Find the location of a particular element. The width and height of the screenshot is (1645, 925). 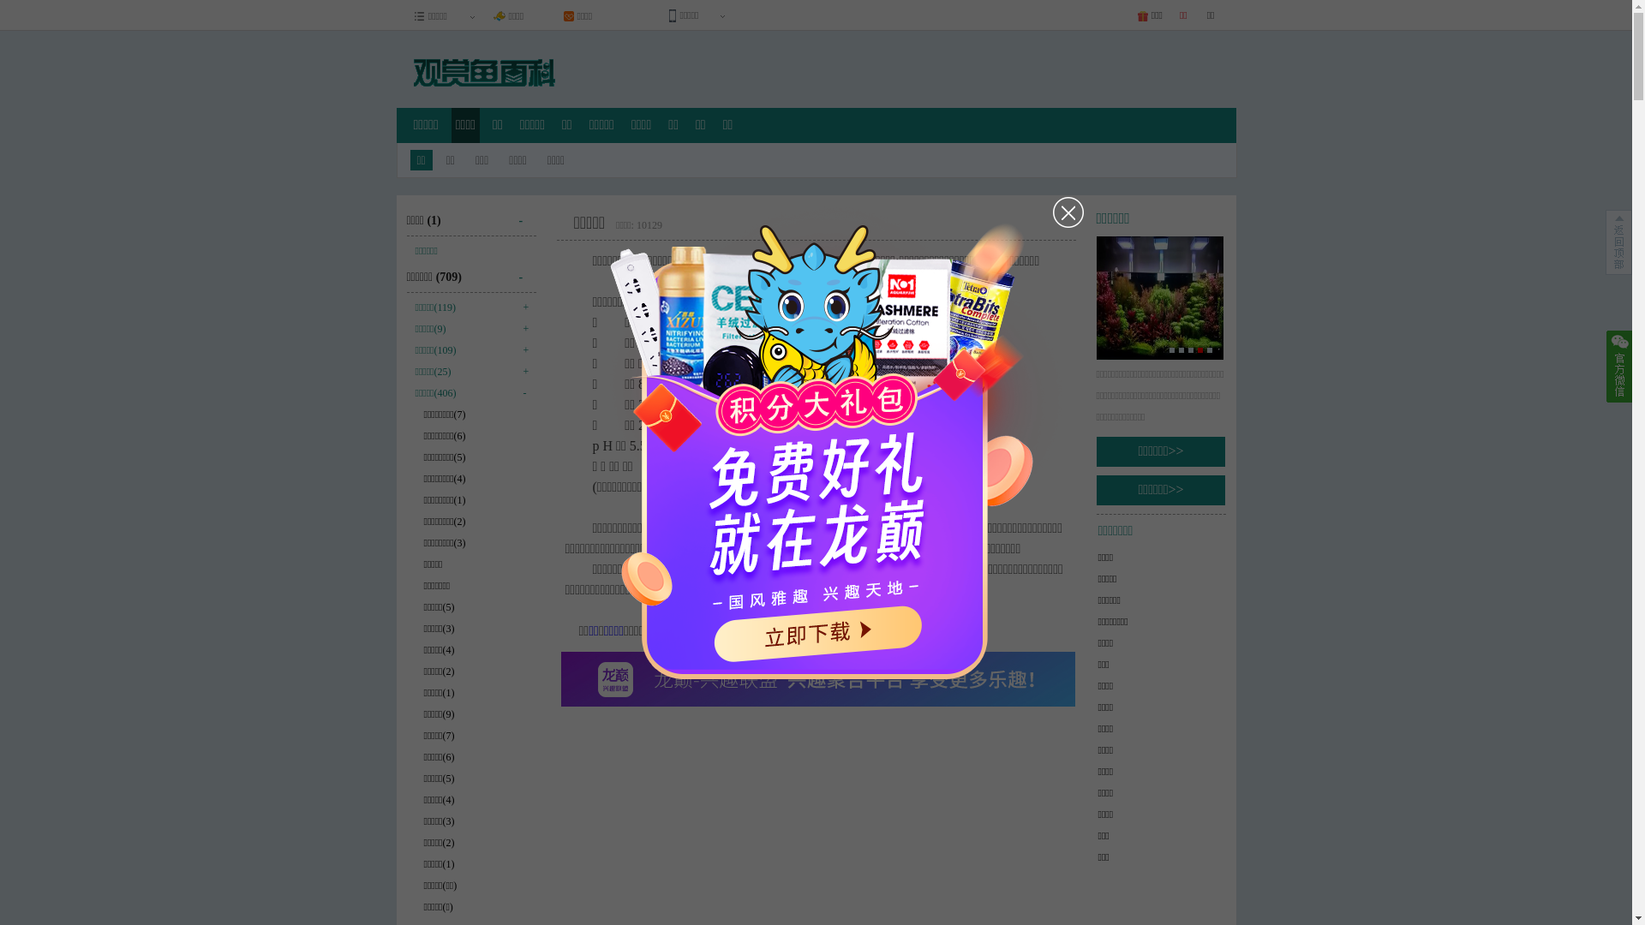

'+' is located at coordinates (521, 305).